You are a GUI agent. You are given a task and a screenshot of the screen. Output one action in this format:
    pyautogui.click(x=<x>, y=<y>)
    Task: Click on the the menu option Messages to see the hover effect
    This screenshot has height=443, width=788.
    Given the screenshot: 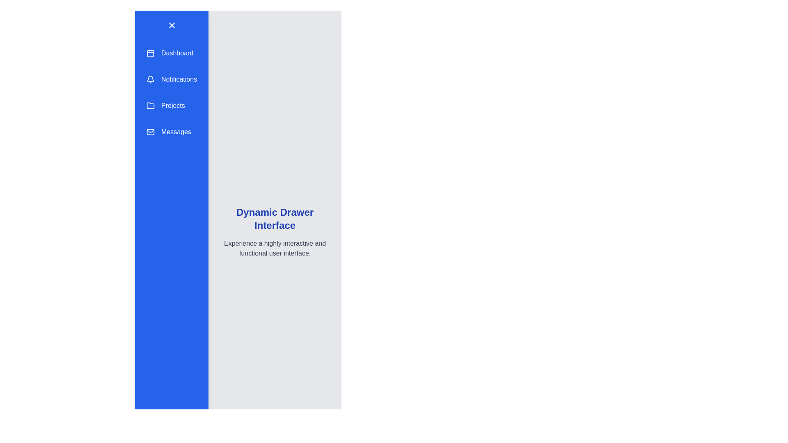 What is the action you would take?
    pyautogui.click(x=171, y=131)
    